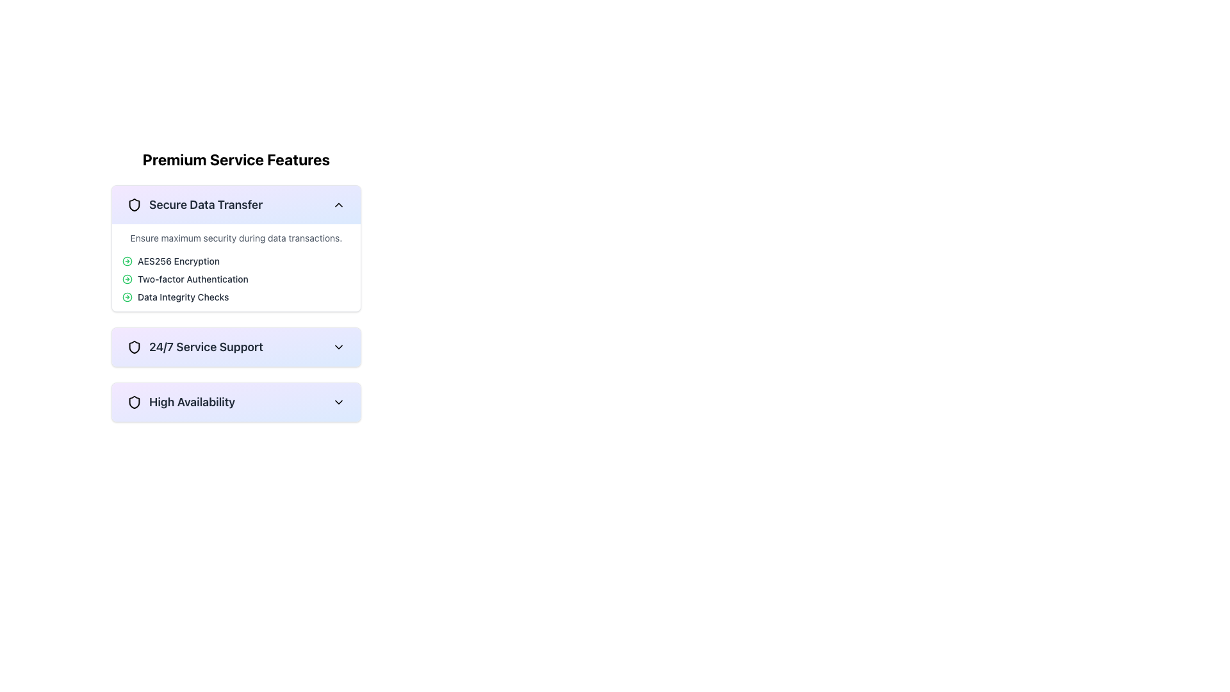 This screenshot has height=692, width=1230. I want to click on the security icon located to the far left of the 'Secure Data Transfer' text, so click(135, 204).